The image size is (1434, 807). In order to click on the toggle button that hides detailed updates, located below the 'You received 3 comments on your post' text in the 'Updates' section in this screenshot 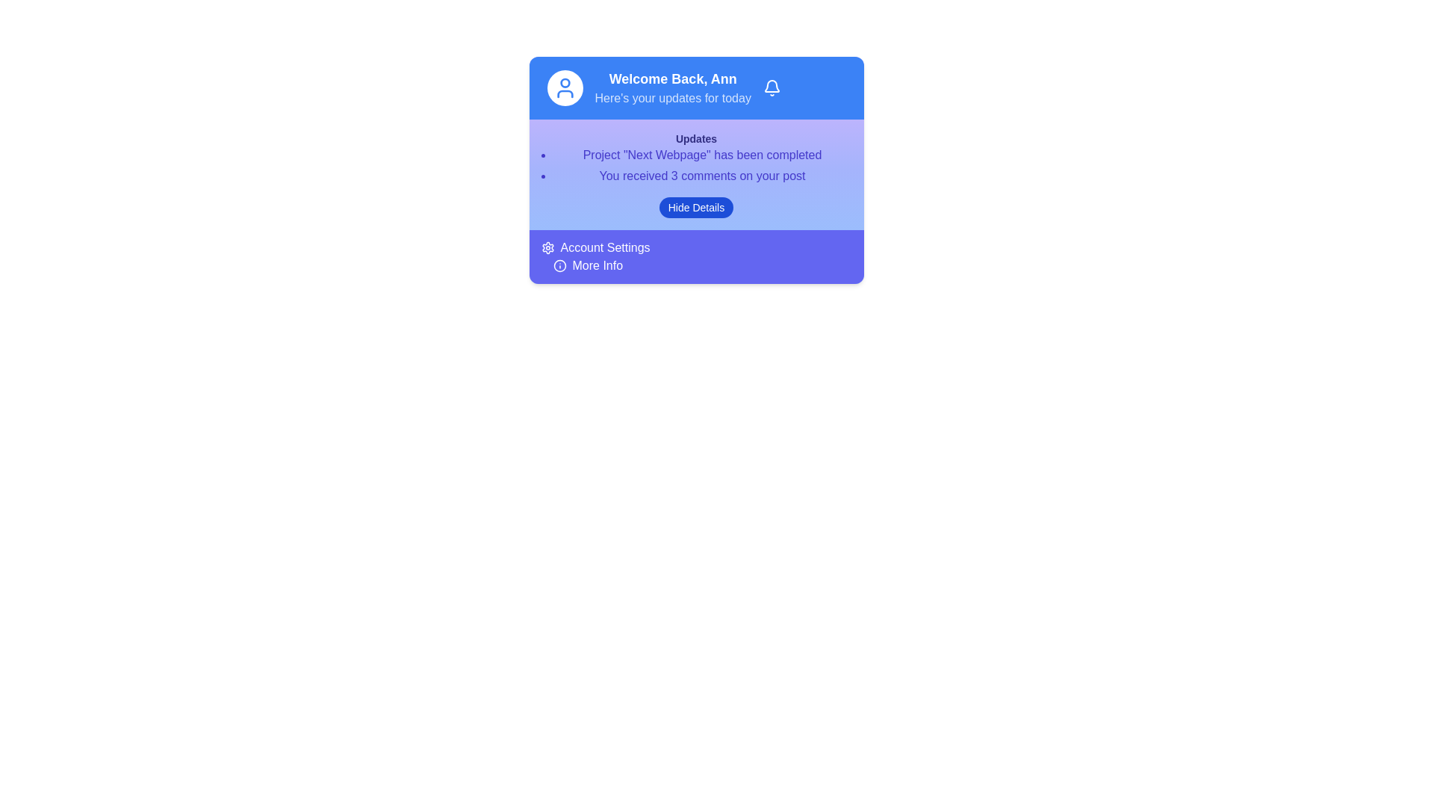, I will do `click(695, 207)`.